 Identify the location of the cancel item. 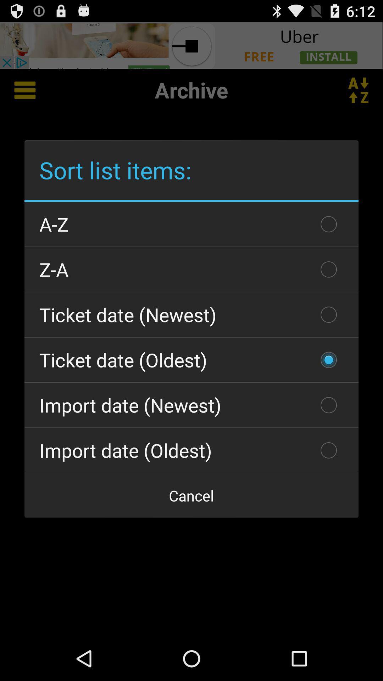
(191, 495).